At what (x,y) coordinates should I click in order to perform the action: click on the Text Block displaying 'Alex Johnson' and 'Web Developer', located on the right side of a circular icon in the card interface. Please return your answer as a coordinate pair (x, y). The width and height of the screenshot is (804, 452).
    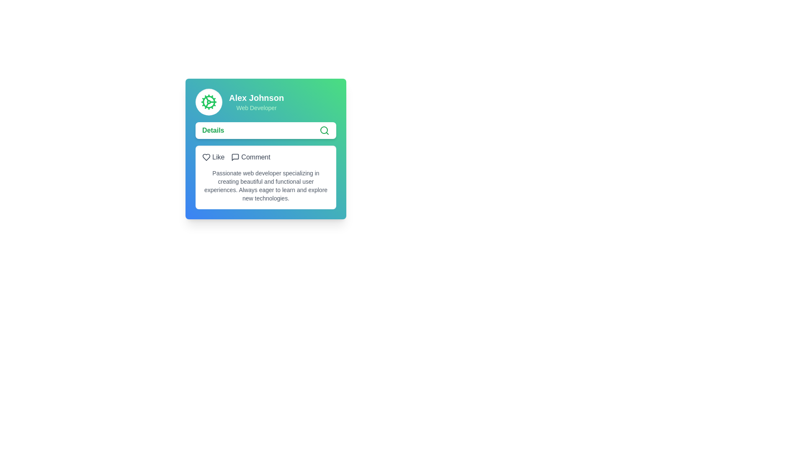
    Looking at the image, I should click on (256, 101).